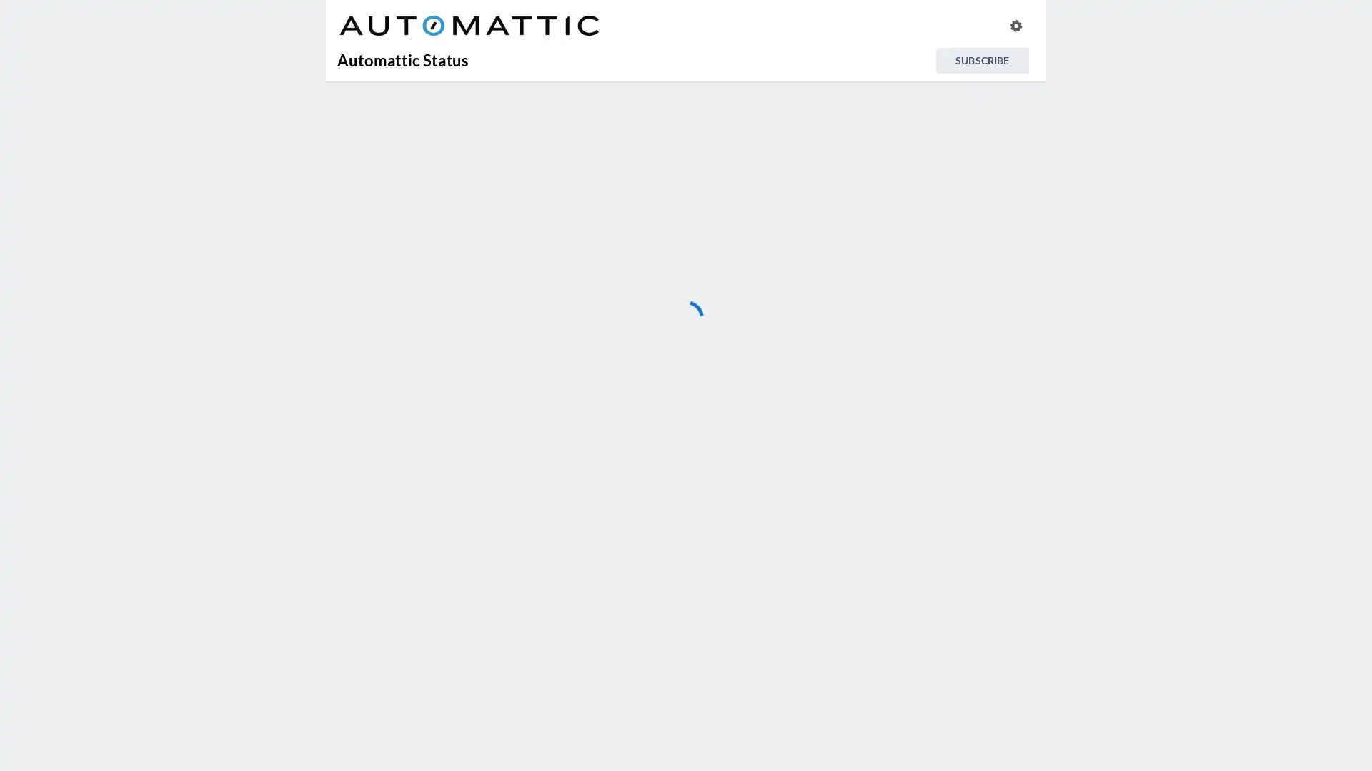 The width and height of the screenshot is (1372, 771). What do you see at coordinates (599, 525) in the screenshot?
I see `Jetpack Search API Response Time : 173 ms` at bounding box center [599, 525].